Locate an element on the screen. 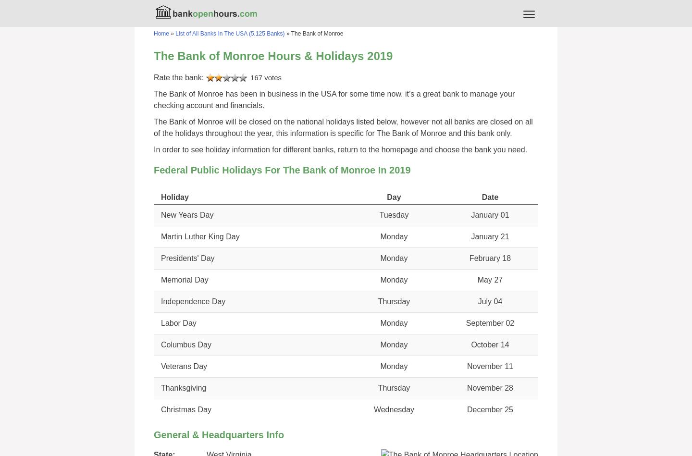  'Federal Public Holidays For The Bank of Monroe In 2019' is located at coordinates (282, 170).